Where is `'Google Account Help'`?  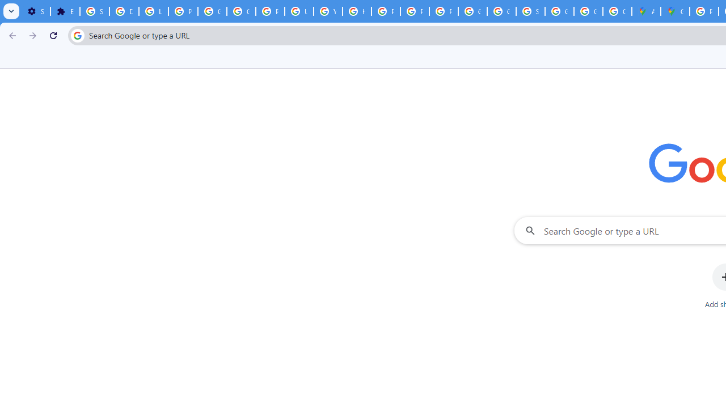 'Google Account Help' is located at coordinates (240, 11).